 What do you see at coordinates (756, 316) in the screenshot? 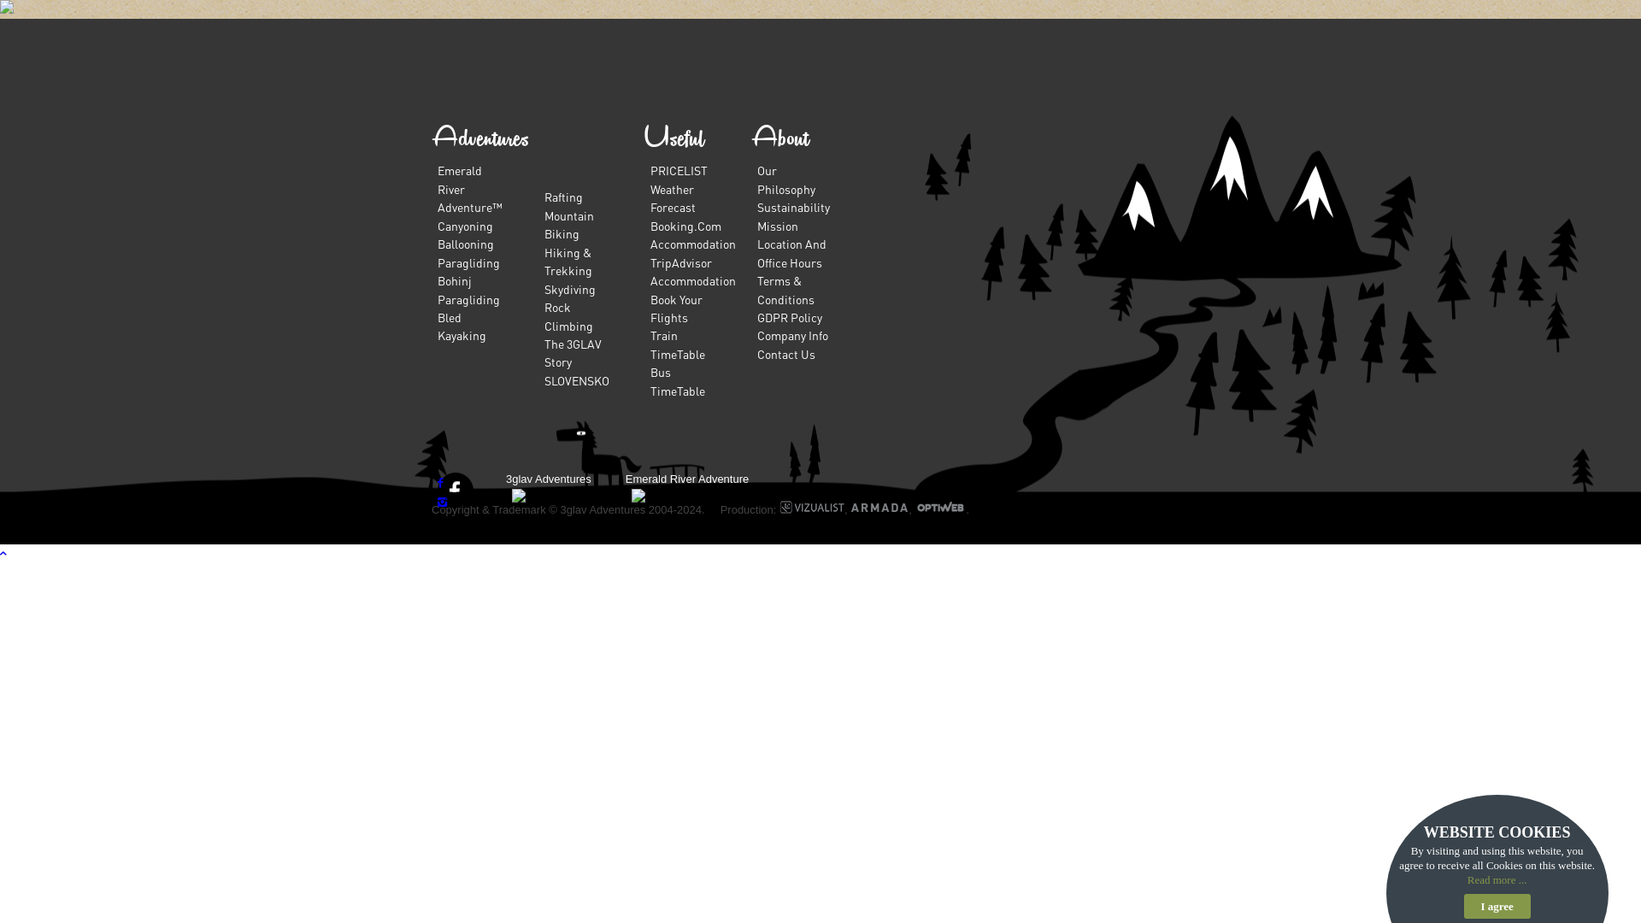
I see `'GDPR Policy'` at bounding box center [756, 316].